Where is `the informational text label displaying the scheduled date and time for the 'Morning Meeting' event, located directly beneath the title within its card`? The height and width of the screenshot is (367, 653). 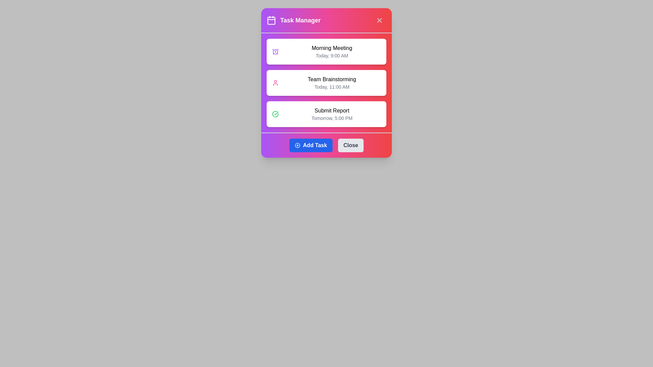 the informational text label displaying the scheduled date and time for the 'Morning Meeting' event, located directly beneath the title within its card is located at coordinates (332, 55).